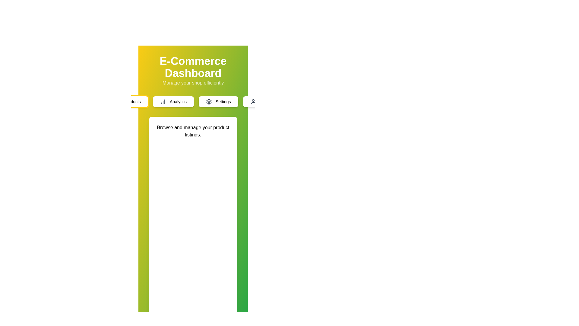  I want to click on the settings button that features a cogwheel icon styled in a linear design, located in the top navigation bar of the application interface, so click(209, 101).